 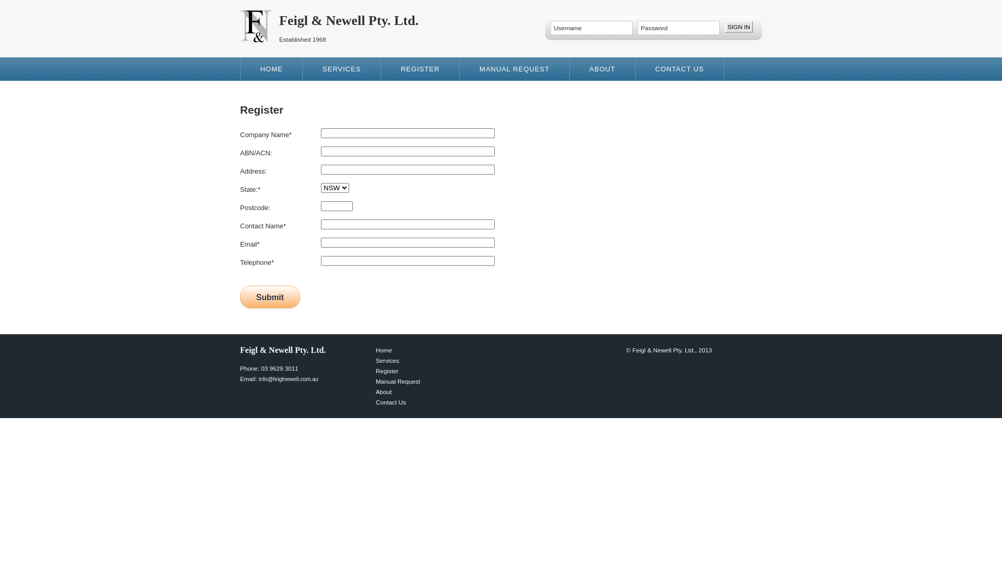 I want to click on 'Submit', so click(x=270, y=297).